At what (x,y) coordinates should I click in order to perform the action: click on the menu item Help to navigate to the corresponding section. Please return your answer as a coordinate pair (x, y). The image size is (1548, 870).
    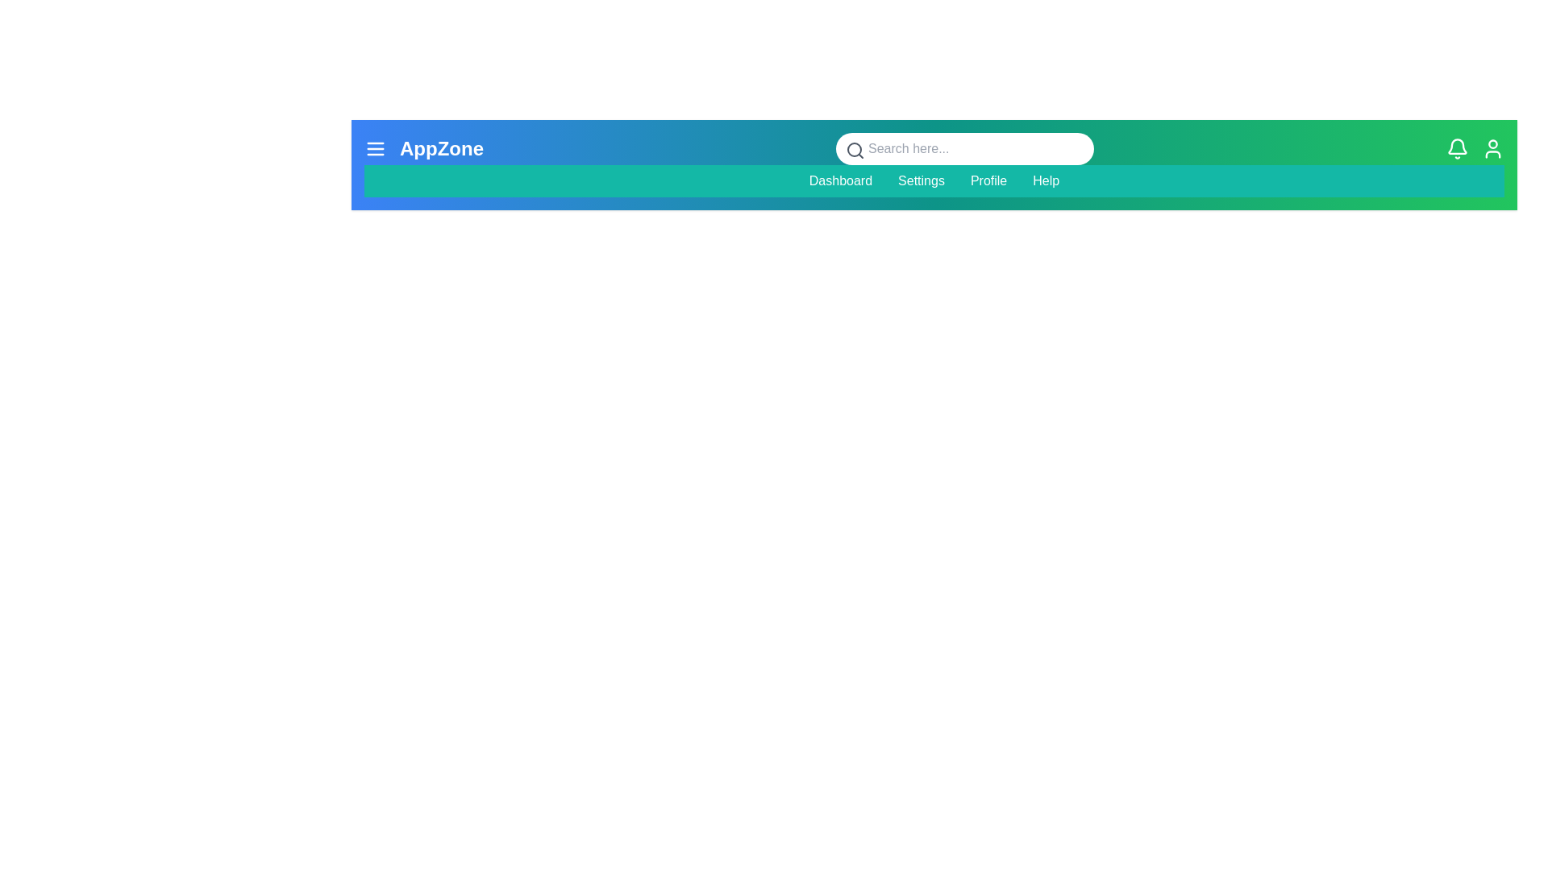
    Looking at the image, I should click on (1046, 180).